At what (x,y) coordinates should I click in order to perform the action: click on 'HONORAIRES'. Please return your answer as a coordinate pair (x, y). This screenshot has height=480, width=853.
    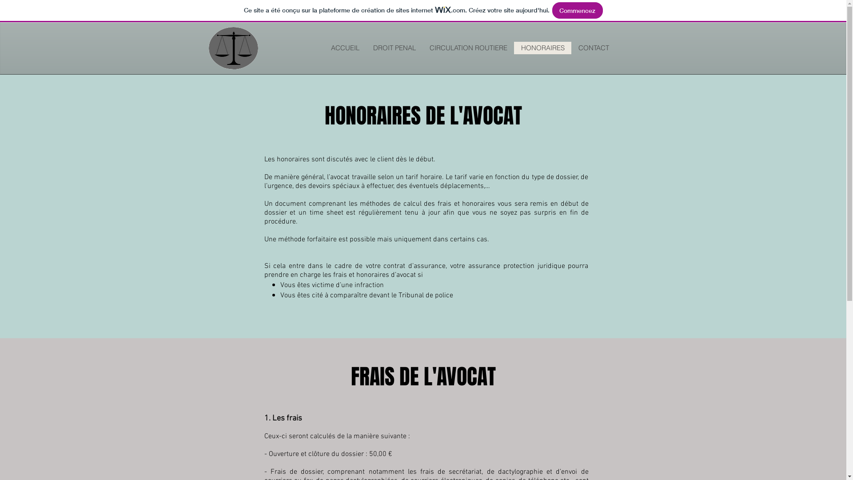
    Looking at the image, I should click on (542, 48).